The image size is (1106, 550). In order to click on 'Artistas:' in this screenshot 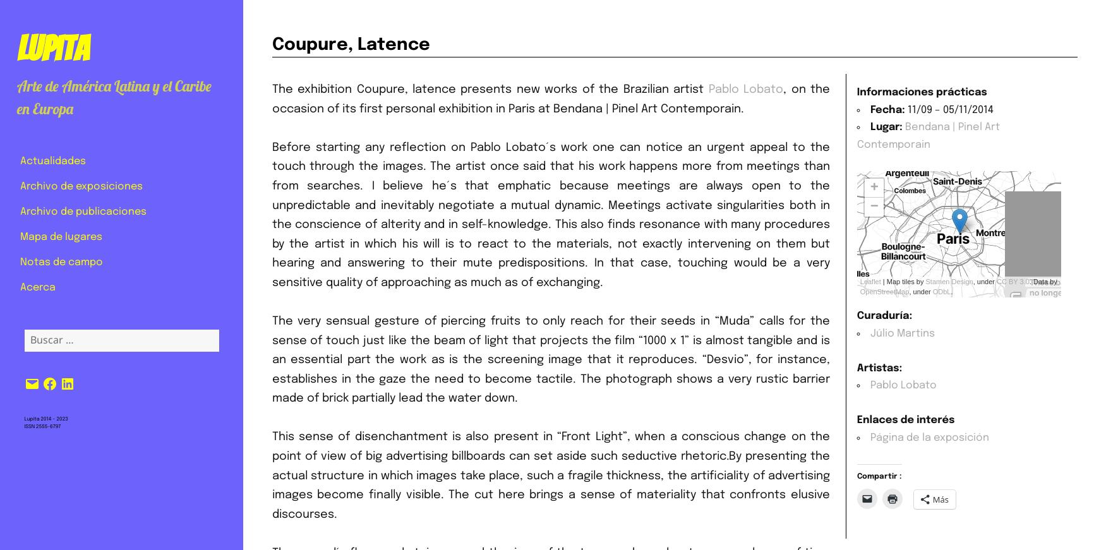, I will do `click(879, 367)`.